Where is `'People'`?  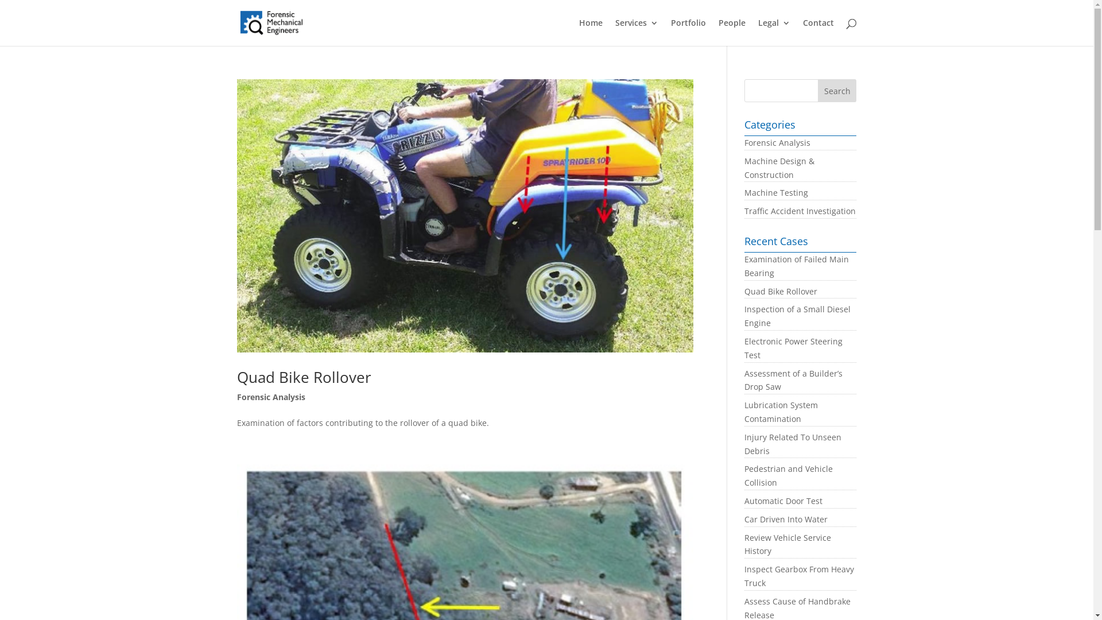
'People' is located at coordinates (731, 32).